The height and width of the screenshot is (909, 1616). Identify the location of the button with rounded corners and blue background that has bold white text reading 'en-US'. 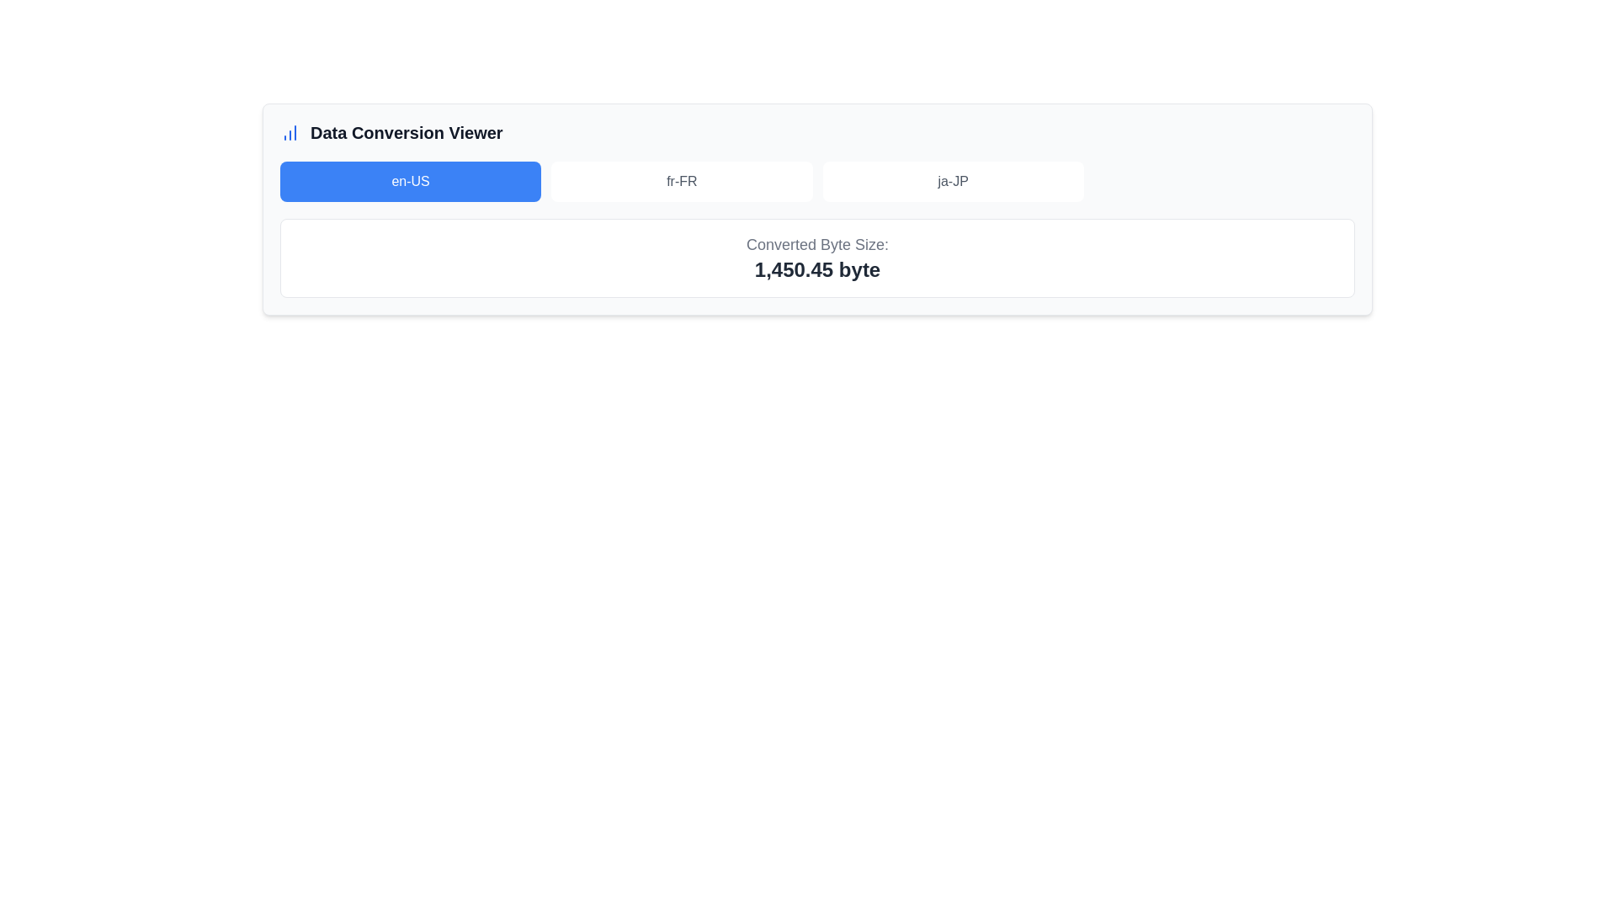
(411, 182).